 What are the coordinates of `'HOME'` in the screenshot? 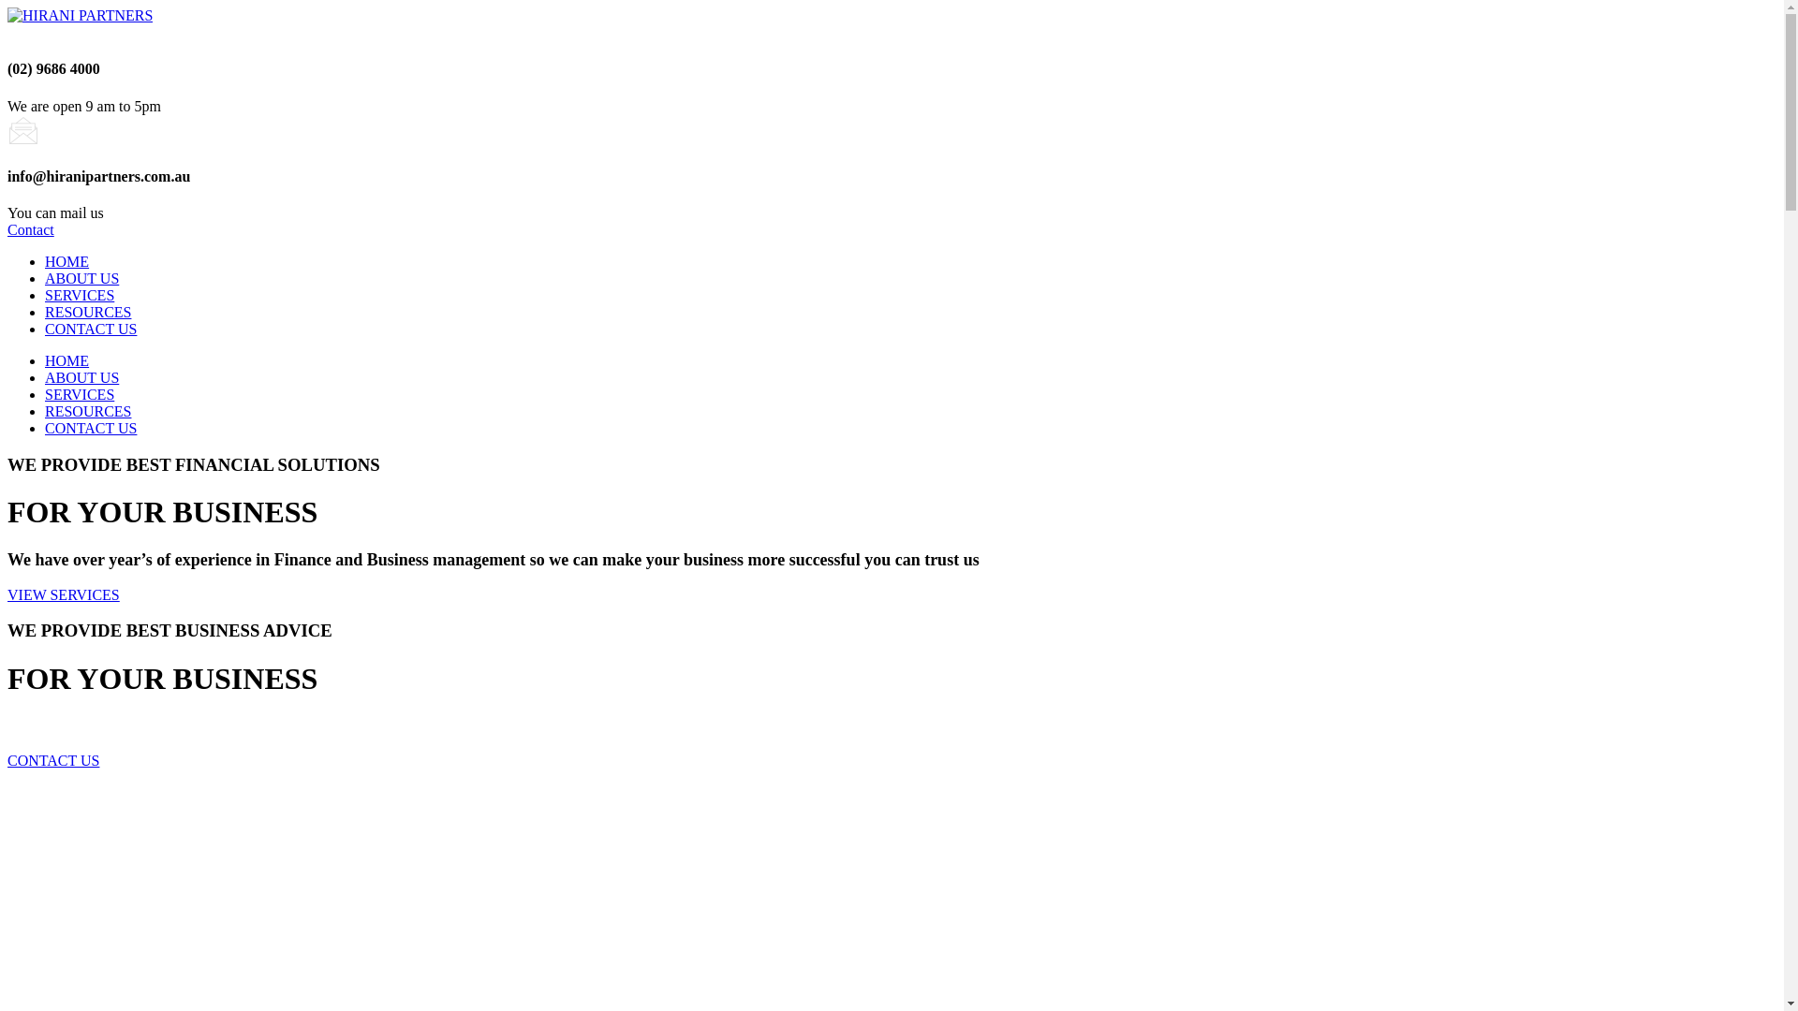 It's located at (45, 261).